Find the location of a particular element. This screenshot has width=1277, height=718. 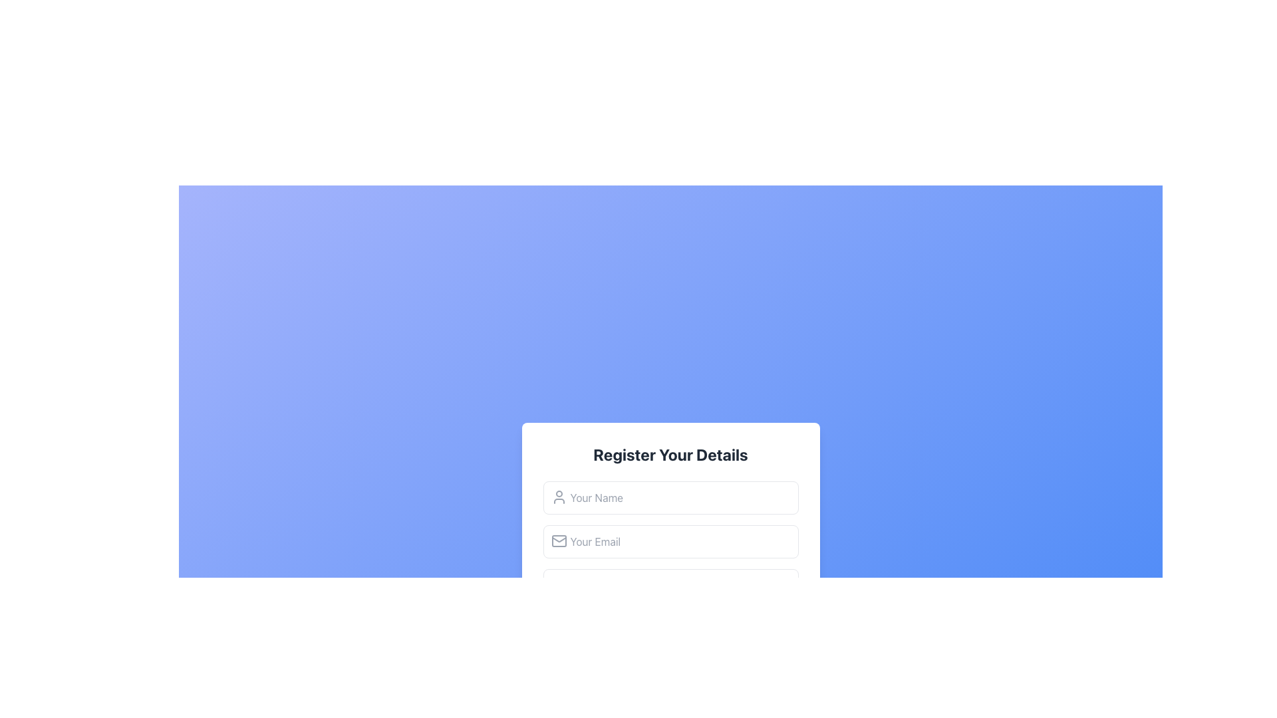

the email input field is located at coordinates (670, 541).